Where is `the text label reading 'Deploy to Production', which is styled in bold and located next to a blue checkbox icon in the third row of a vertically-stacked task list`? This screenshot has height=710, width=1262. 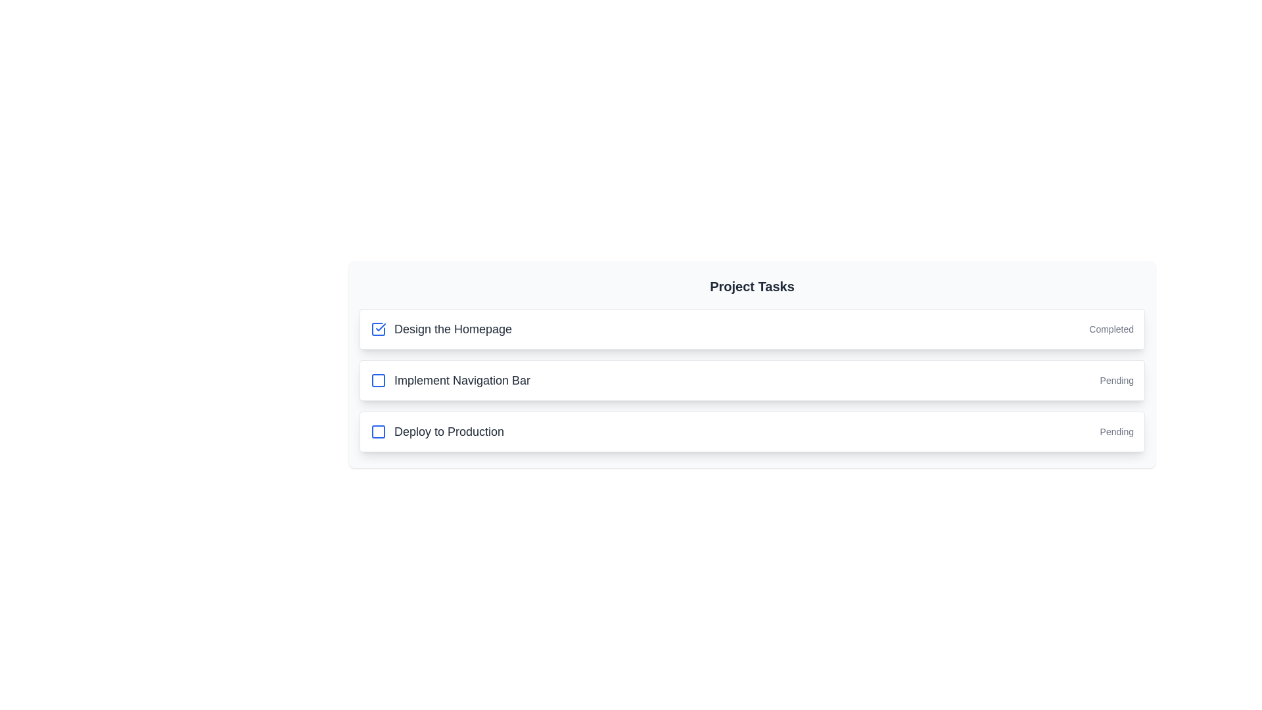
the text label reading 'Deploy to Production', which is styled in bold and located next to a blue checkbox icon in the third row of a vertically-stacked task list is located at coordinates (437, 431).